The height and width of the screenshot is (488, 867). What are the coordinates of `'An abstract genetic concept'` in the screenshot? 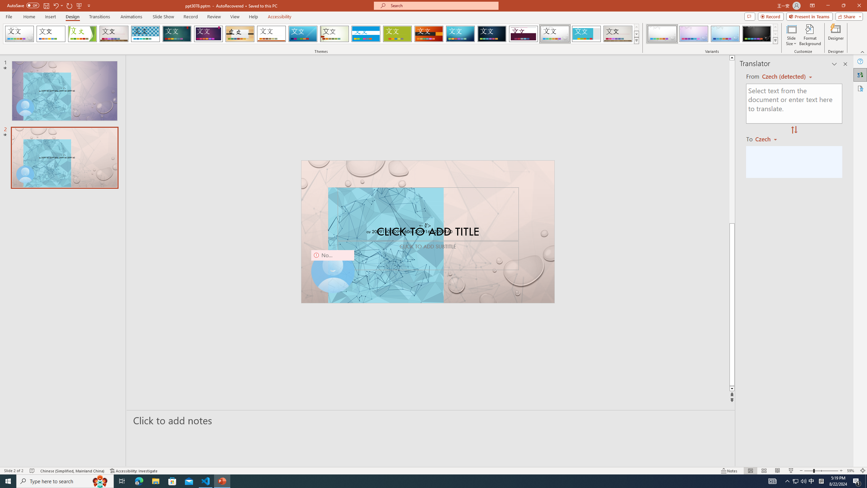 It's located at (428, 231).